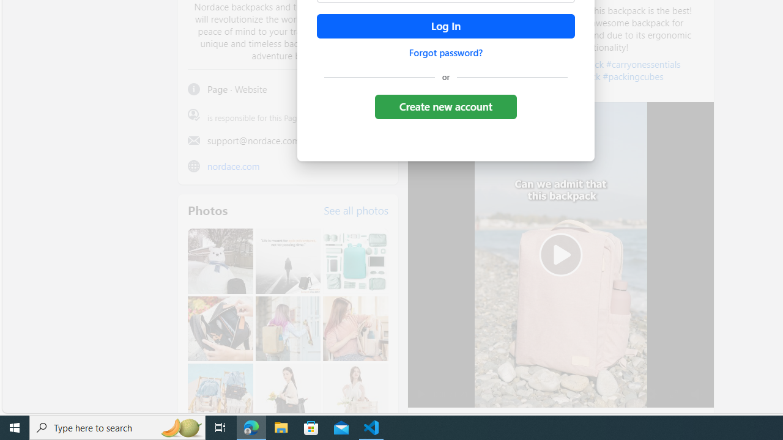  Describe the element at coordinates (445, 52) in the screenshot. I see `'Forgot password?'` at that location.